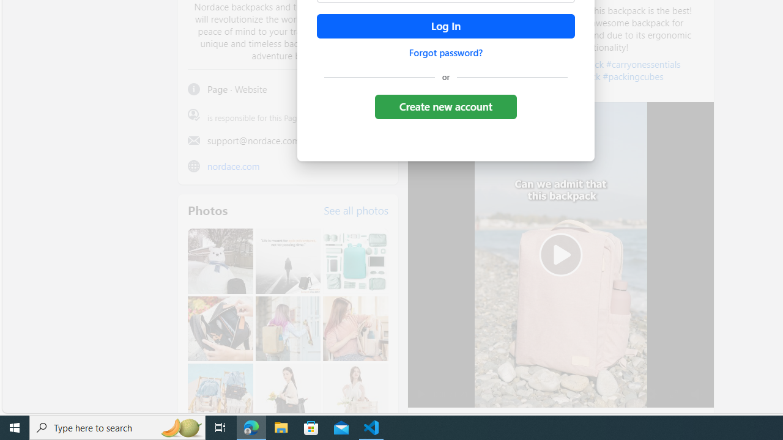  Describe the element at coordinates (445, 52) in the screenshot. I see `'Forgot password?'` at that location.